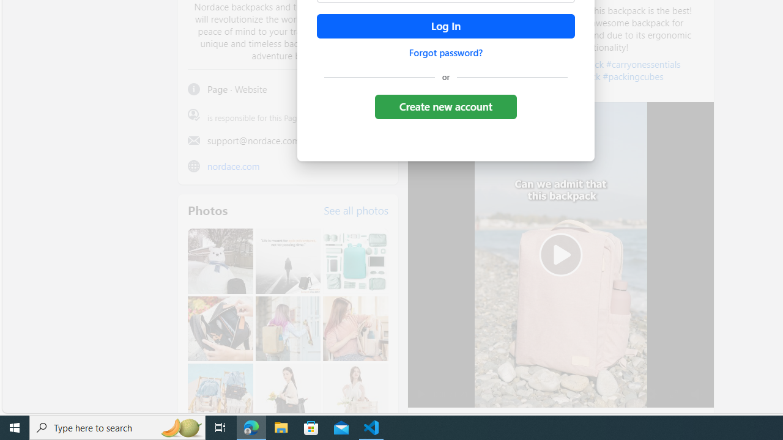  Describe the element at coordinates (445, 52) in the screenshot. I see `'Forgot password?'` at that location.